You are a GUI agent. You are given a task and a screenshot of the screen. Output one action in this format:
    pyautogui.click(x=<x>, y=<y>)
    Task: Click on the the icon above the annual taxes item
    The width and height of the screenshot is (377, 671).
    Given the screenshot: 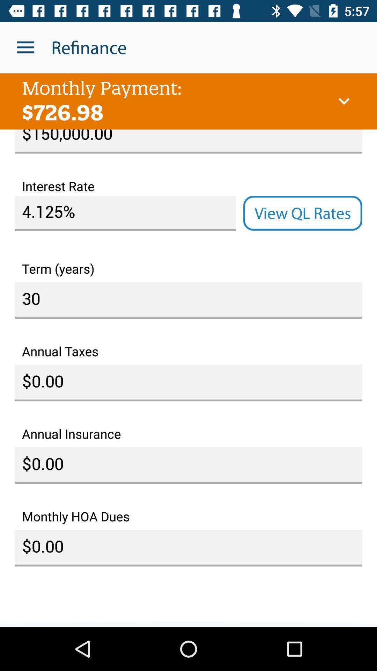 What is the action you would take?
    pyautogui.click(x=188, y=300)
    